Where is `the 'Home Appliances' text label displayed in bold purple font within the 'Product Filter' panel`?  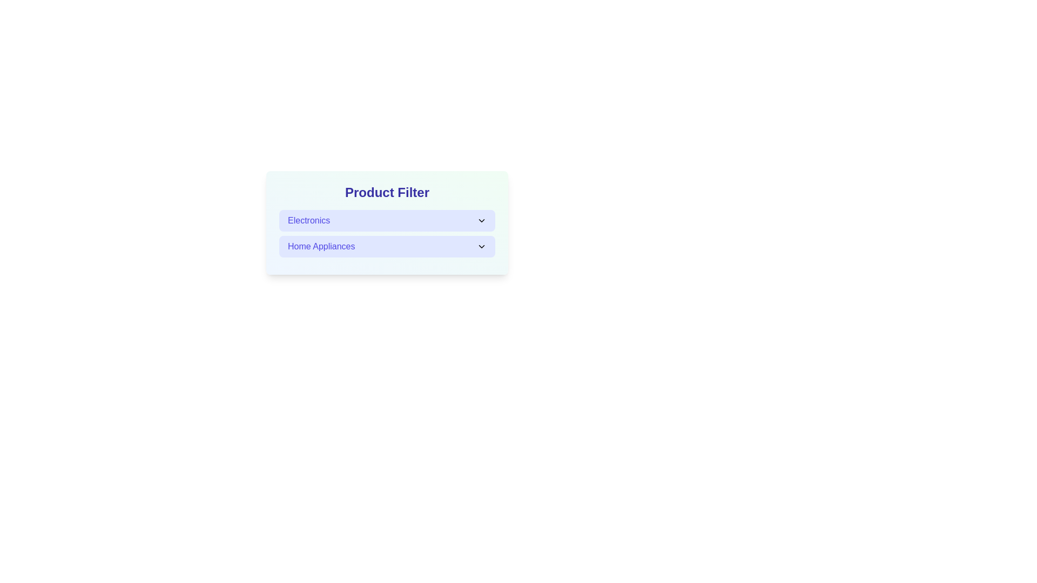 the 'Home Appliances' text label displayed in bold purple font within the 'Product Filter' panel is located at coordinates (321, 246).